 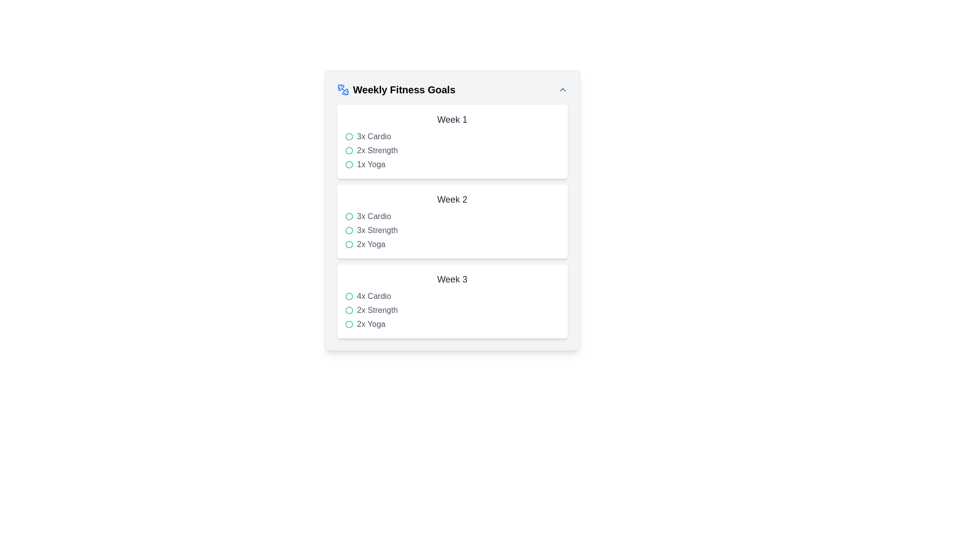 What do you see at coordinates (349, 231) in the screenshot?
I see `the circular indicator with a green border located in the second section under 'Weekly Fitness Goals', to the left of the text '3x Strength'` at bounding box center [349, 231].